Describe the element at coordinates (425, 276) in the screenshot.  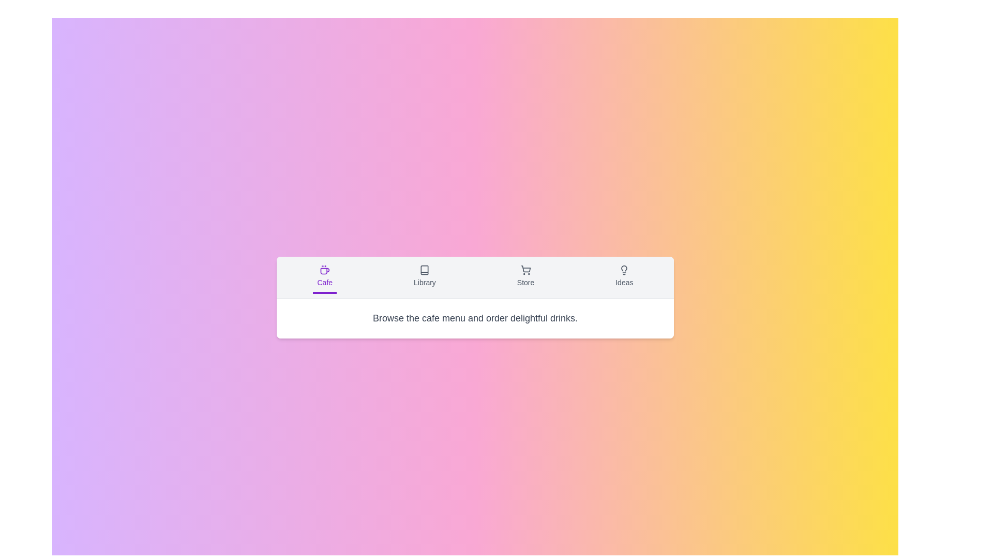
I see `the 'Library' button, which features an open book icon above the text 'Library' in gray color that changes to purple on hover` at that location.